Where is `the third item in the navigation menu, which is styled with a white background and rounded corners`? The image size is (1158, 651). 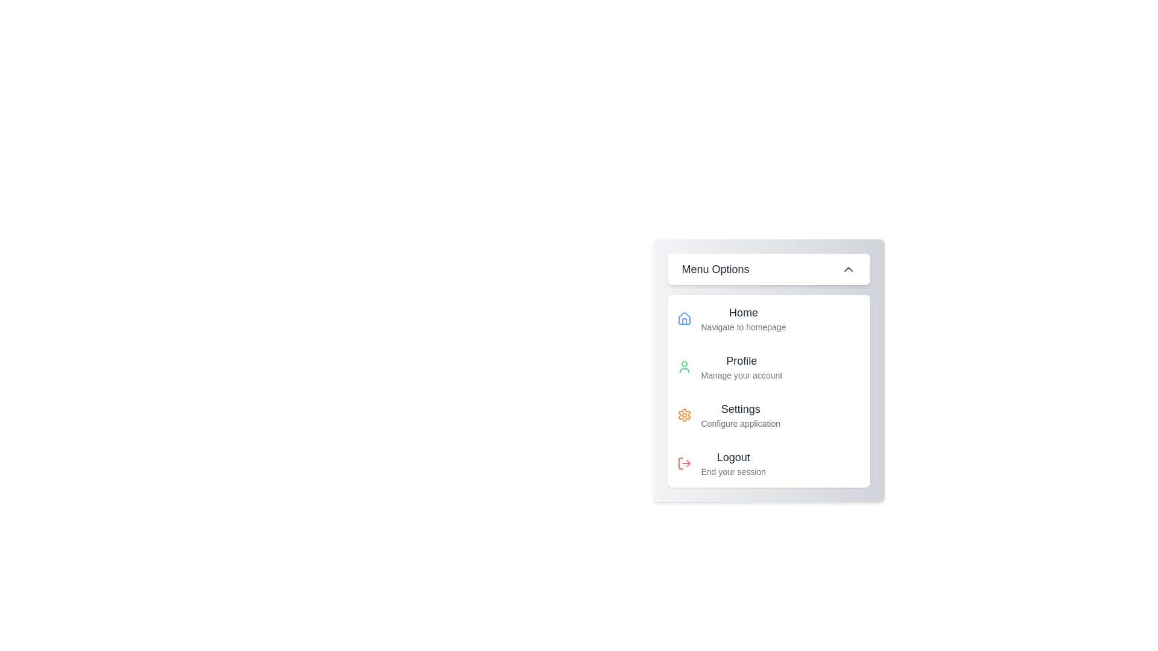
the third item in the navigation menu, which is styled with a white background and rounded corners is located at coordinates (768, 391).